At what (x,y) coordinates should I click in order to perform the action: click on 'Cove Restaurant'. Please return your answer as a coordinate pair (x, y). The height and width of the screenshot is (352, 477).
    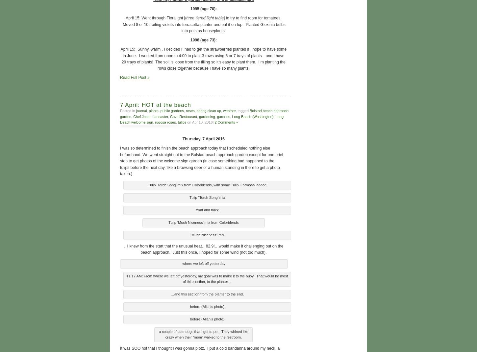
    Looking at the image, I should click on (170, 115).